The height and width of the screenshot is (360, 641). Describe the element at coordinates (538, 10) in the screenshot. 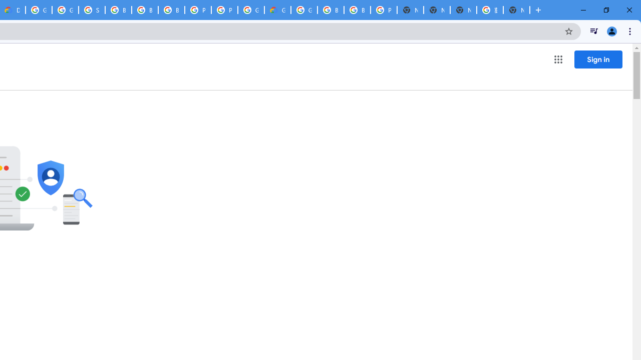

I see `'New Tab'` at that location.